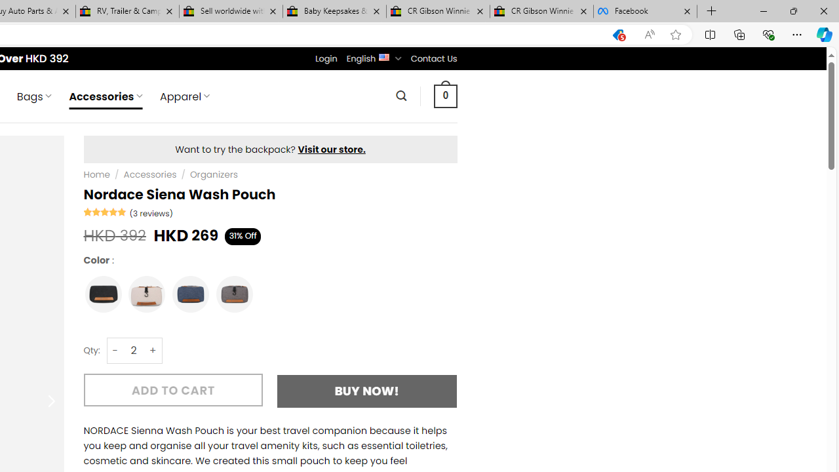 The width and height of the screenshot is (839, 472). I want to click on 'Contact Us', so click(433, 58).